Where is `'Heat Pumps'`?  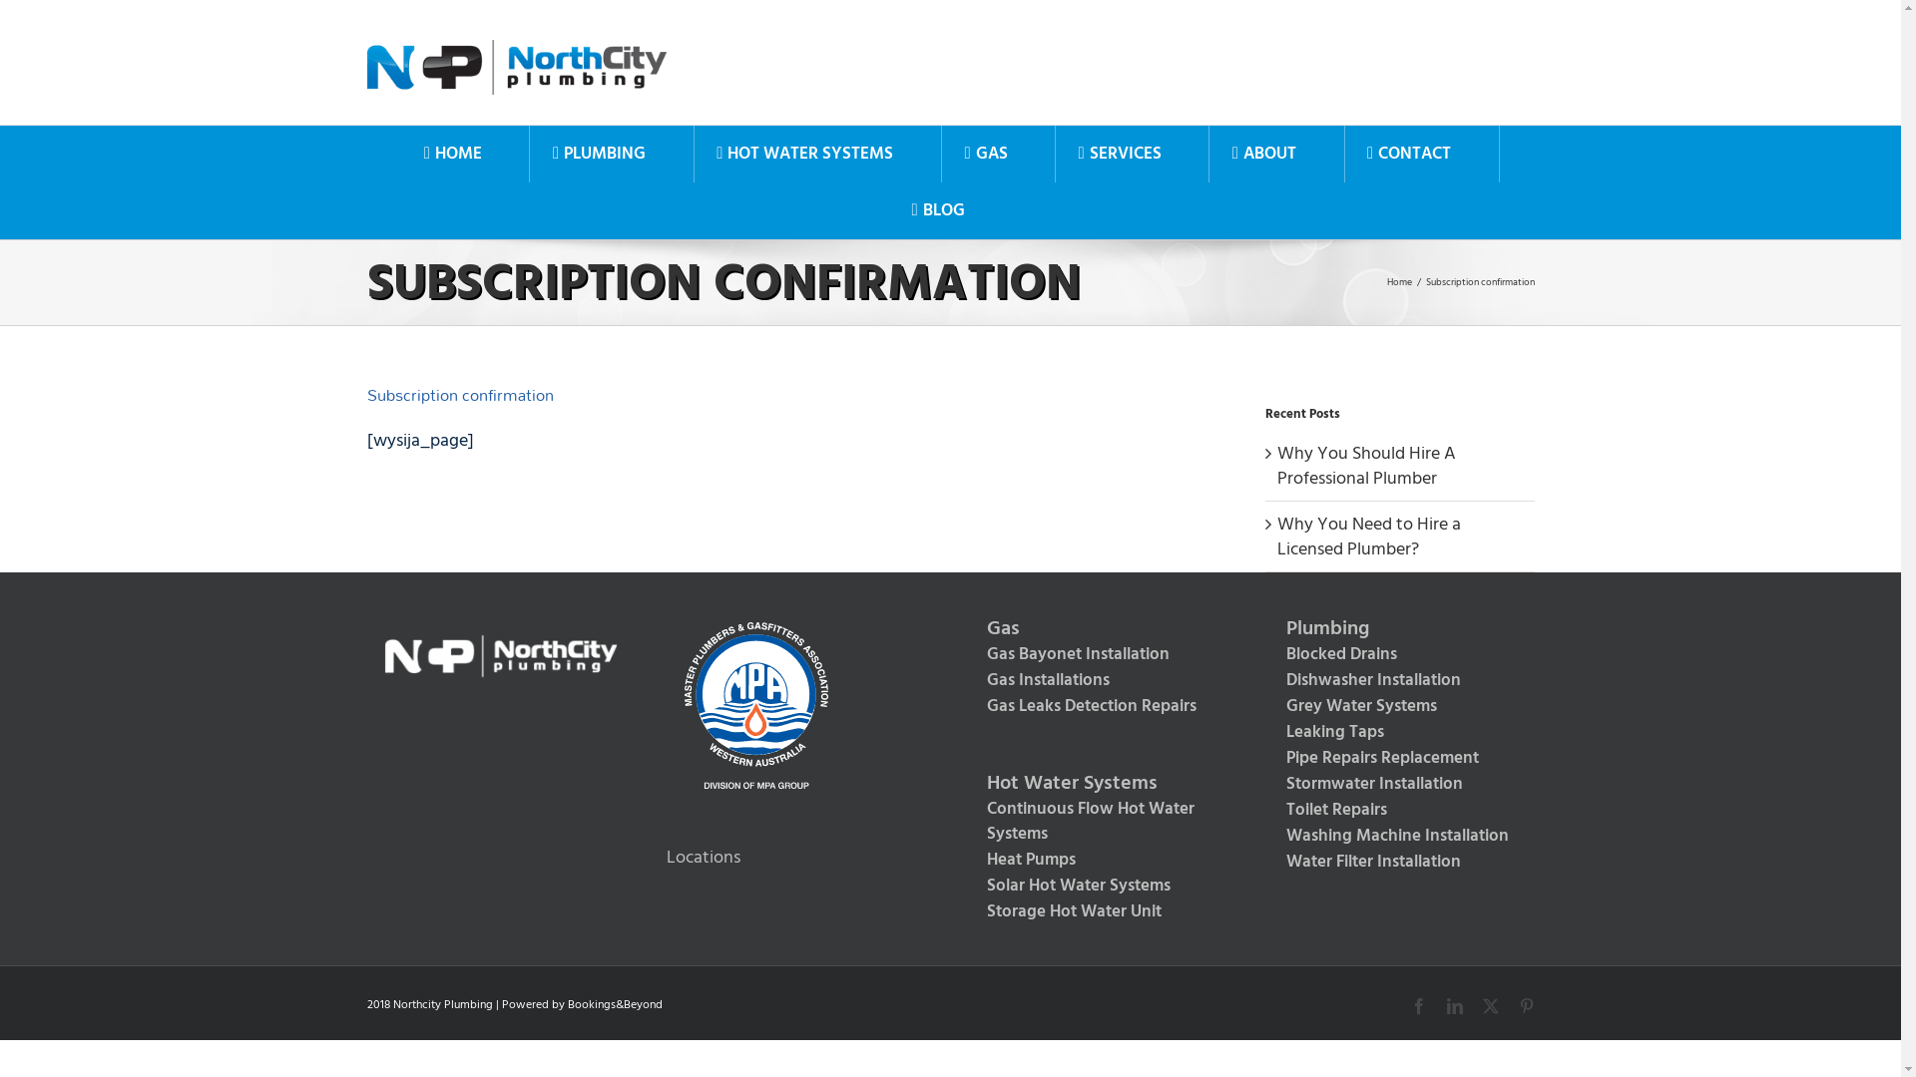
'Heat Pumps' is located at coordinates (966, 860).